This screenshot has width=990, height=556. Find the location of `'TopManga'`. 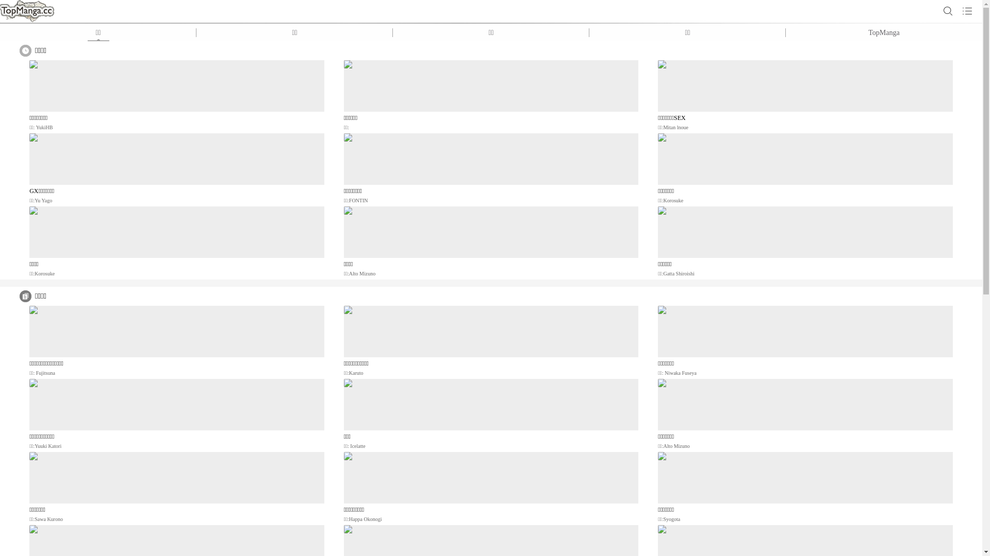

'TopManga' is located at coordinates (883, 32).